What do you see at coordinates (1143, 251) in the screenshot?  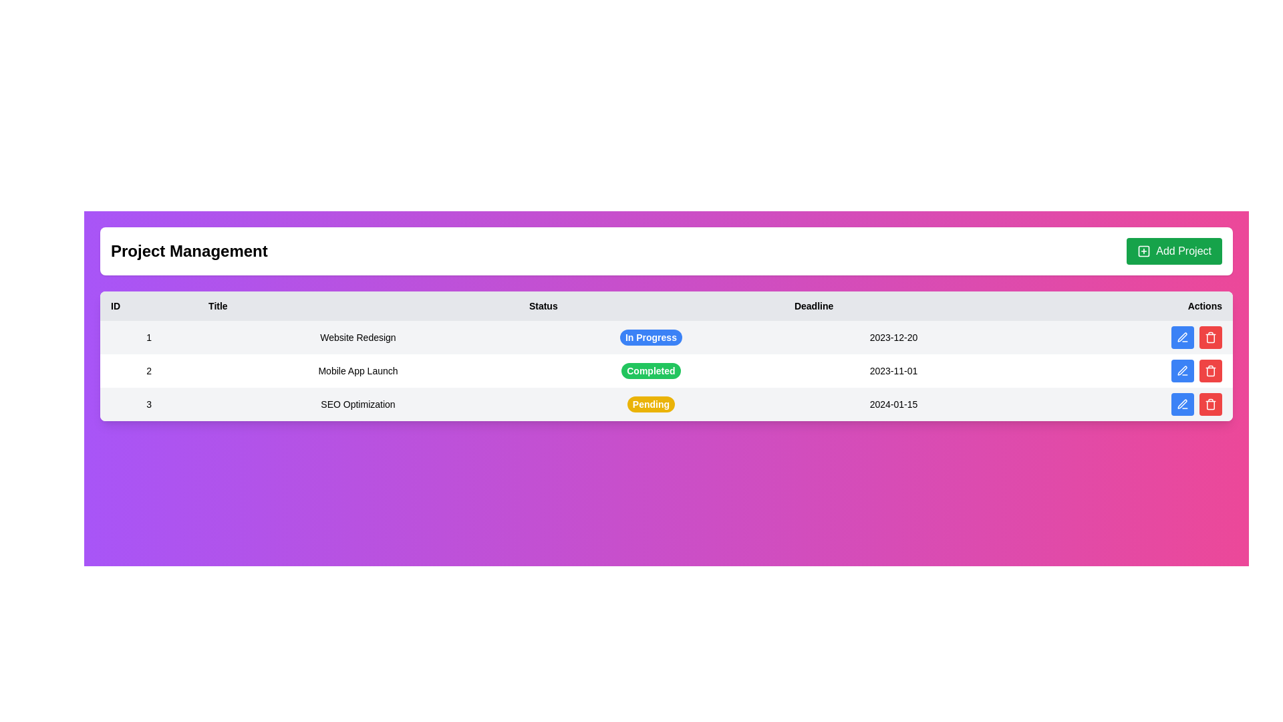 I see `the 'Add Project' button, which contains the icon indicating the action to create a new project, located at the top-right corner of the interface` at bounding box center [1143, 251].